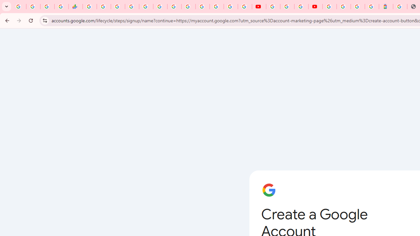  I want to click on 'Google Account Help', so click(287, 7).